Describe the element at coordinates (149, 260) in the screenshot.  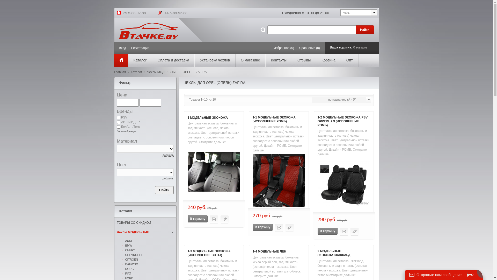
I see `'CITROEN'` at that location.